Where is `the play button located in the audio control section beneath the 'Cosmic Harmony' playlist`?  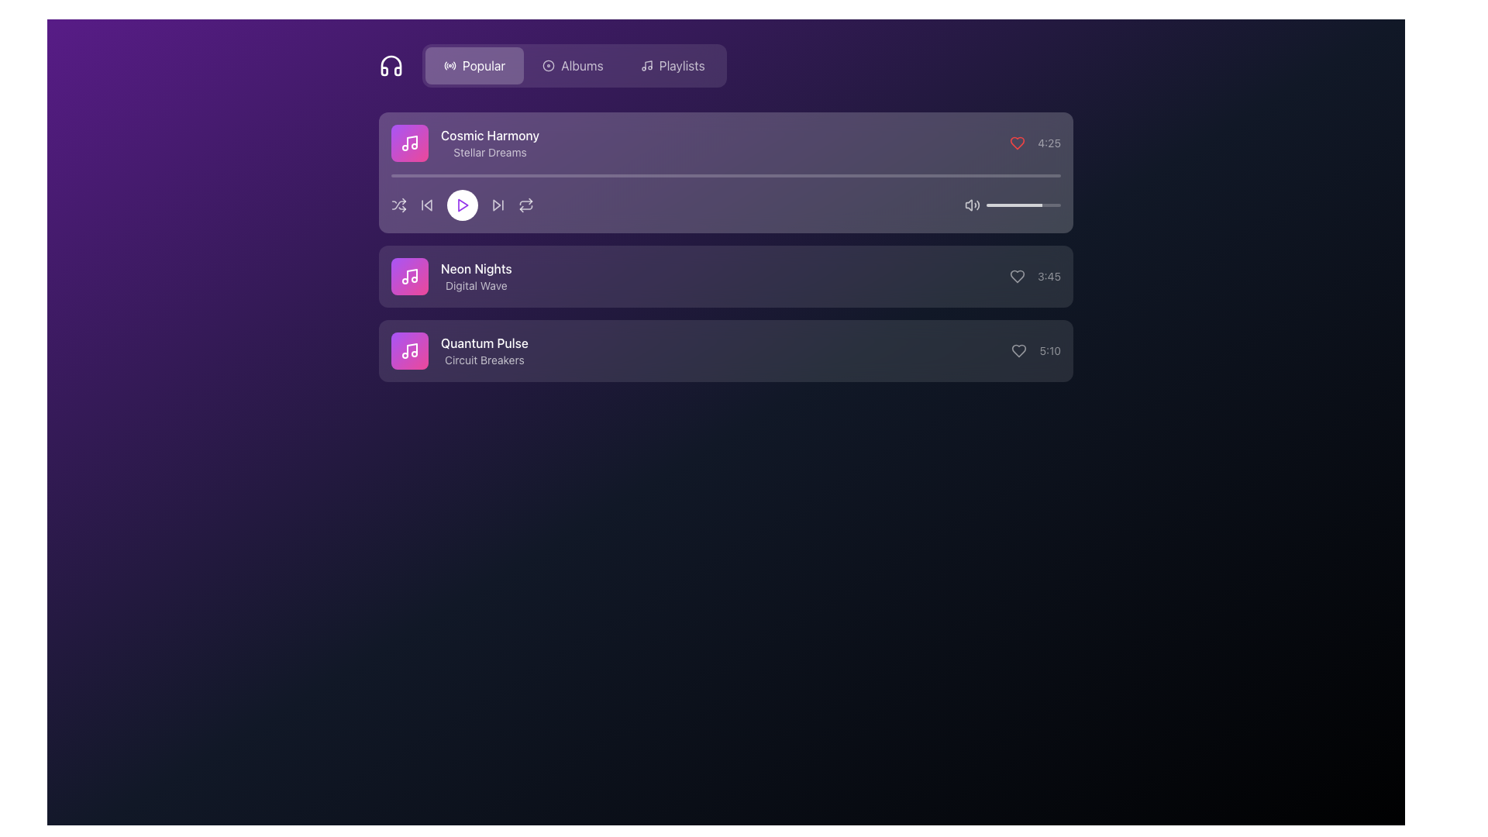 the play button located in the audio control section beneath the 'Cosmic Harmony' playlist is located at coordinates (461, 205).